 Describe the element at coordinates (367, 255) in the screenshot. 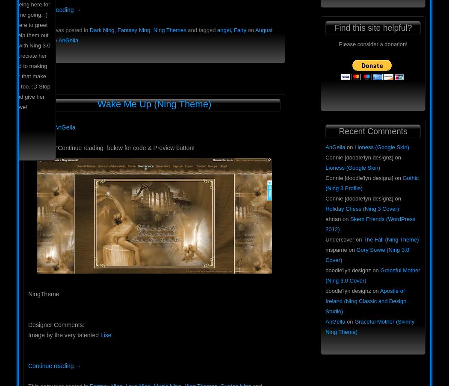

I see `'Gory Sowie (Ning 3.0 Cover)'` at that location.